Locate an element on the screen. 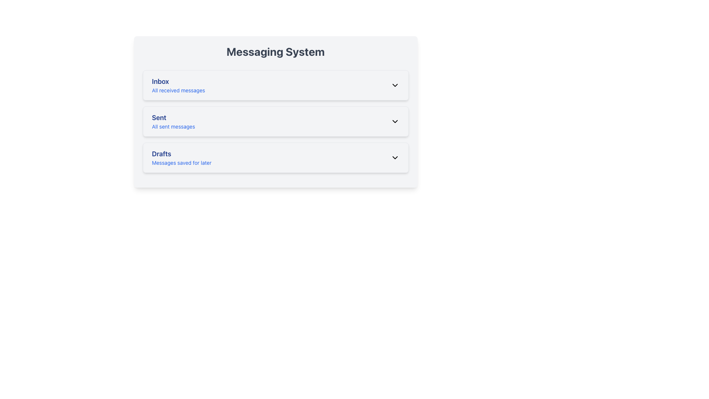  the third collapsible list item titled 'Drafts' in the Messaging System section is located at coordinates (275, 157).